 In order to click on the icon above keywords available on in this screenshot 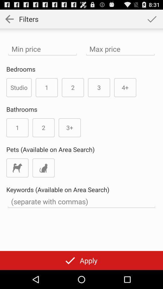, I will do `click(43, 168)`.